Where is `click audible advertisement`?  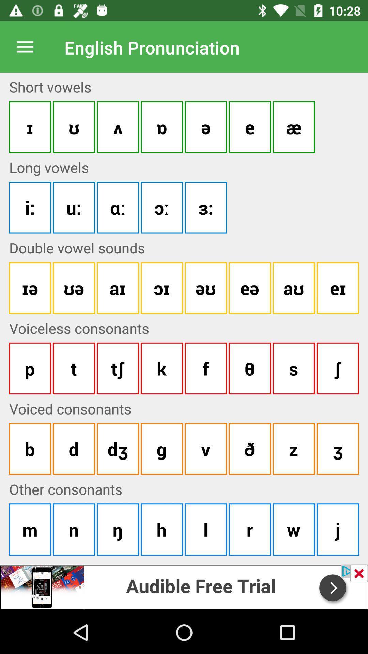
click audible advertisement is located at coordinates (184, 587).